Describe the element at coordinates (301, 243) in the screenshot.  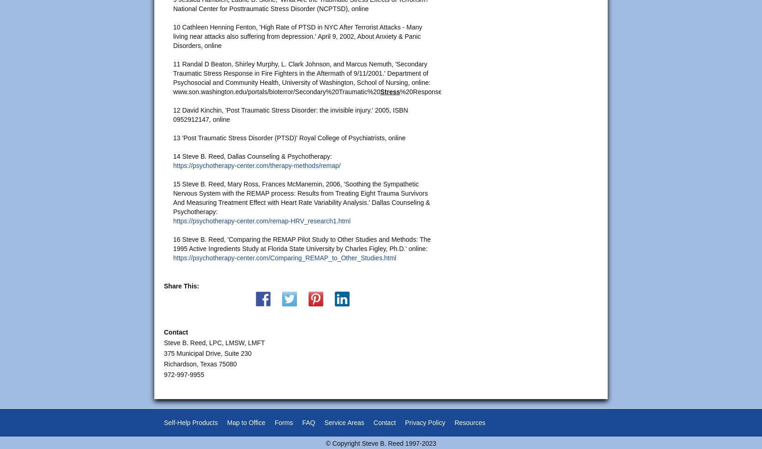
I see `'16 Steve B. Reed, 'Comparing the REMAP Pilot Study to Other Studies and Methods: The 1995 Active Ingredients Study at Florida State University by Charles Figley, Ph.D.' online:'` at that location.